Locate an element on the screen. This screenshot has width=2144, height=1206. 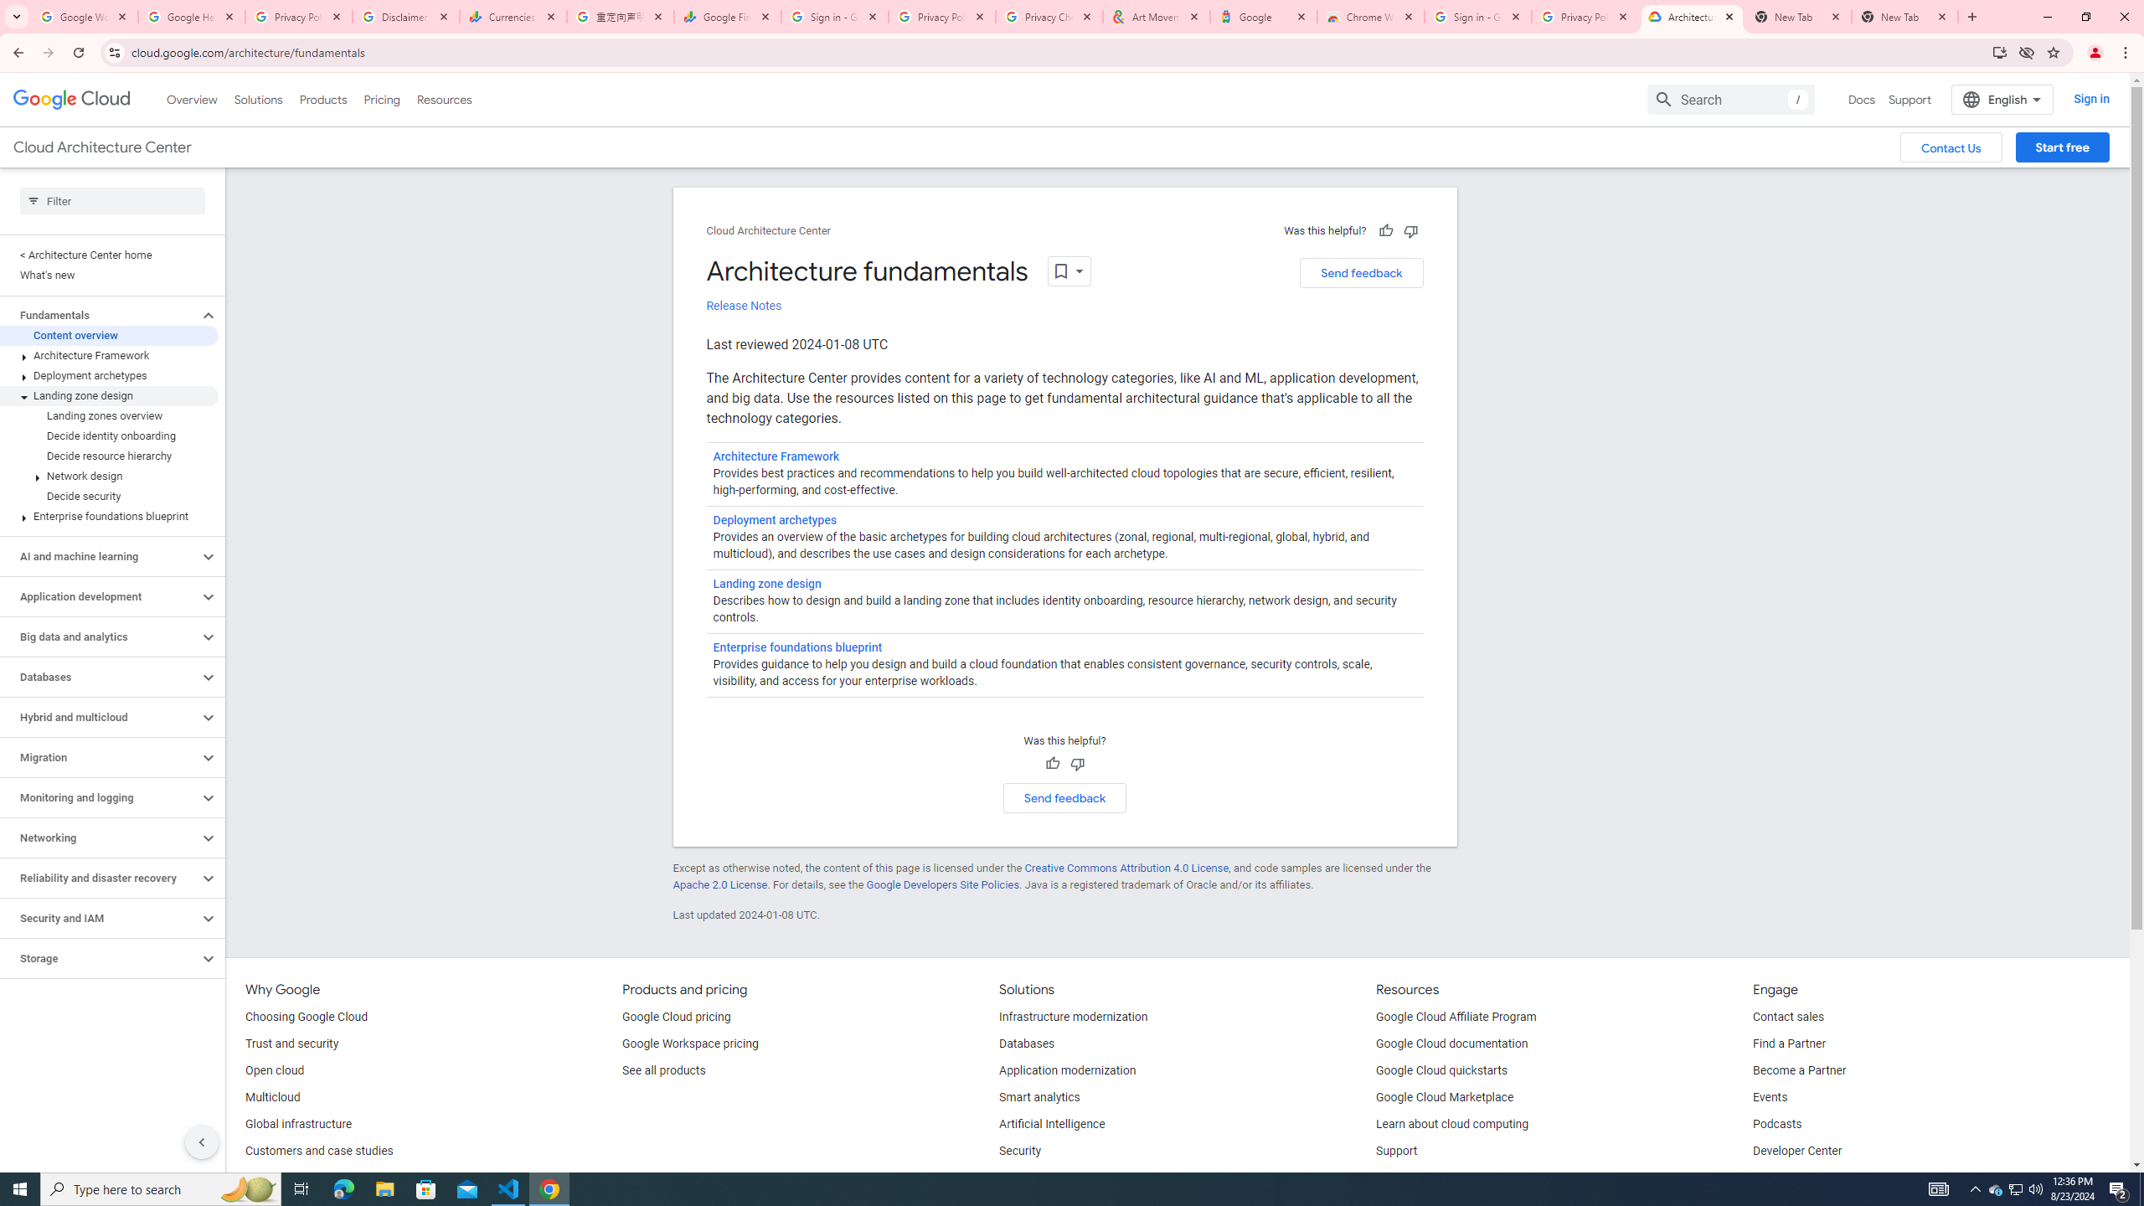
'Big data and analytics' is located at coordinates (99, 637).